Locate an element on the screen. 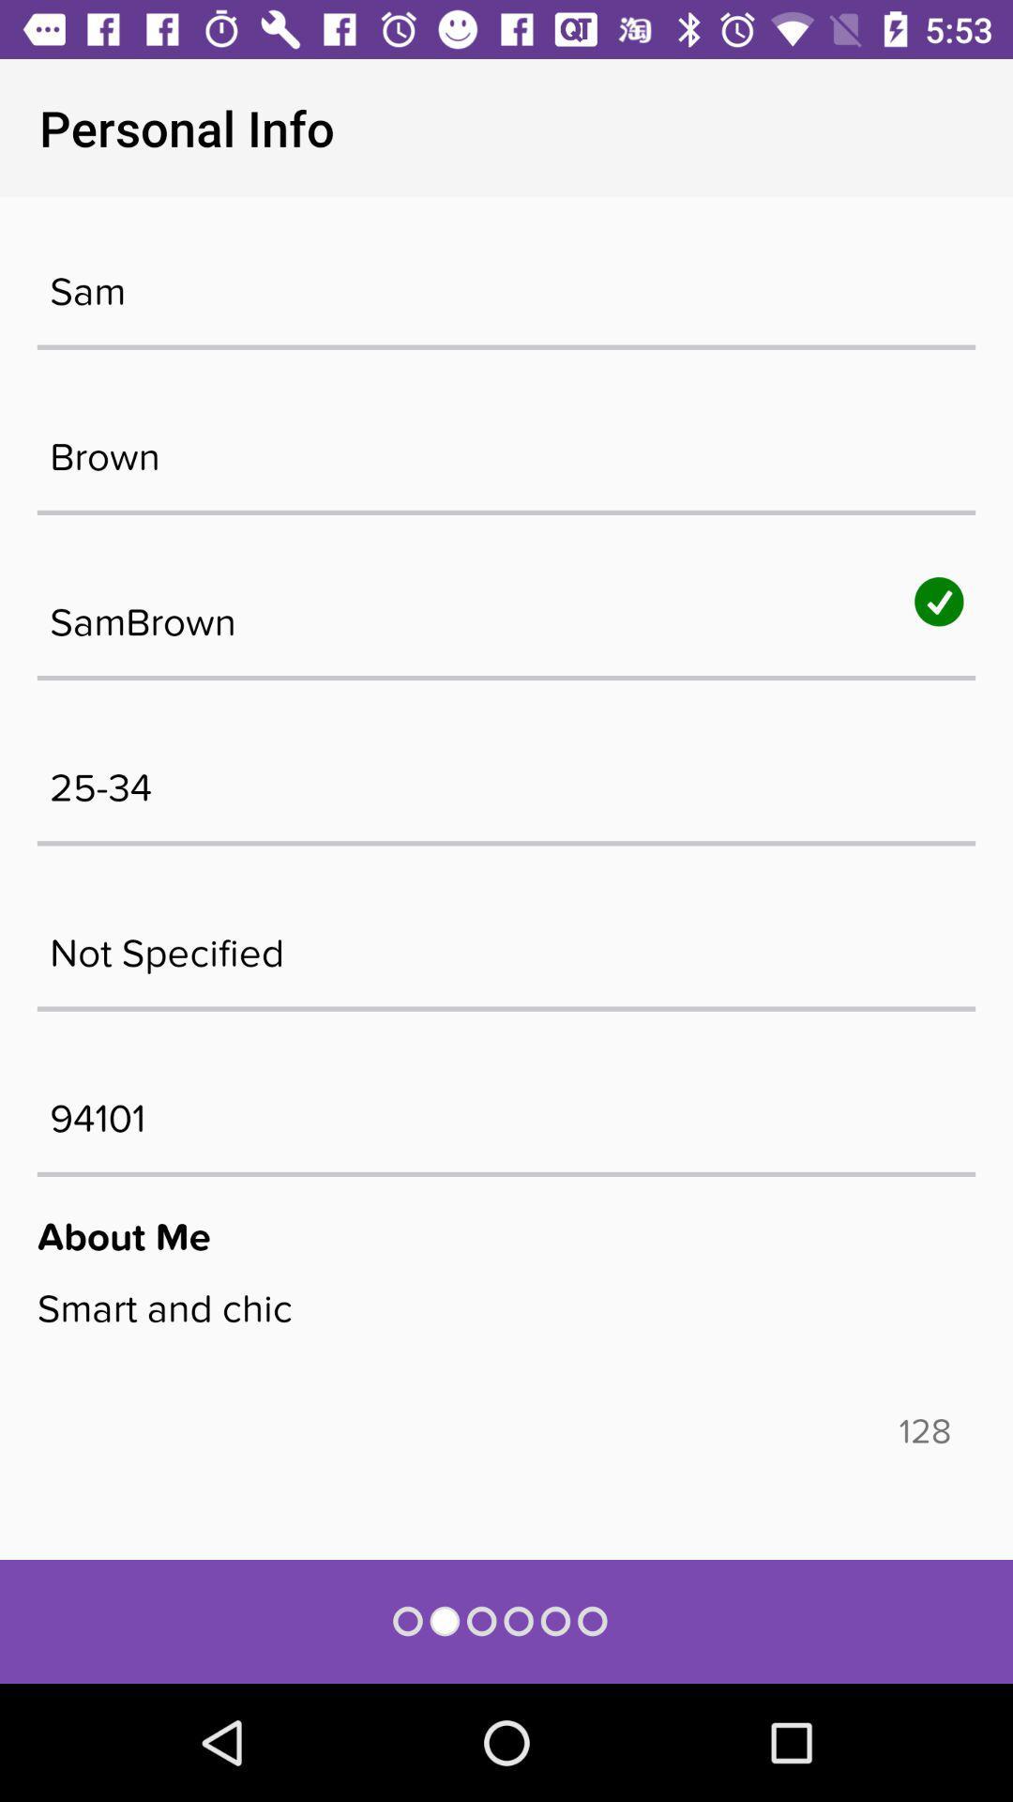 This screenshot has width=1013, height=1802. the 25-34 is located at coordinates (506, 778).